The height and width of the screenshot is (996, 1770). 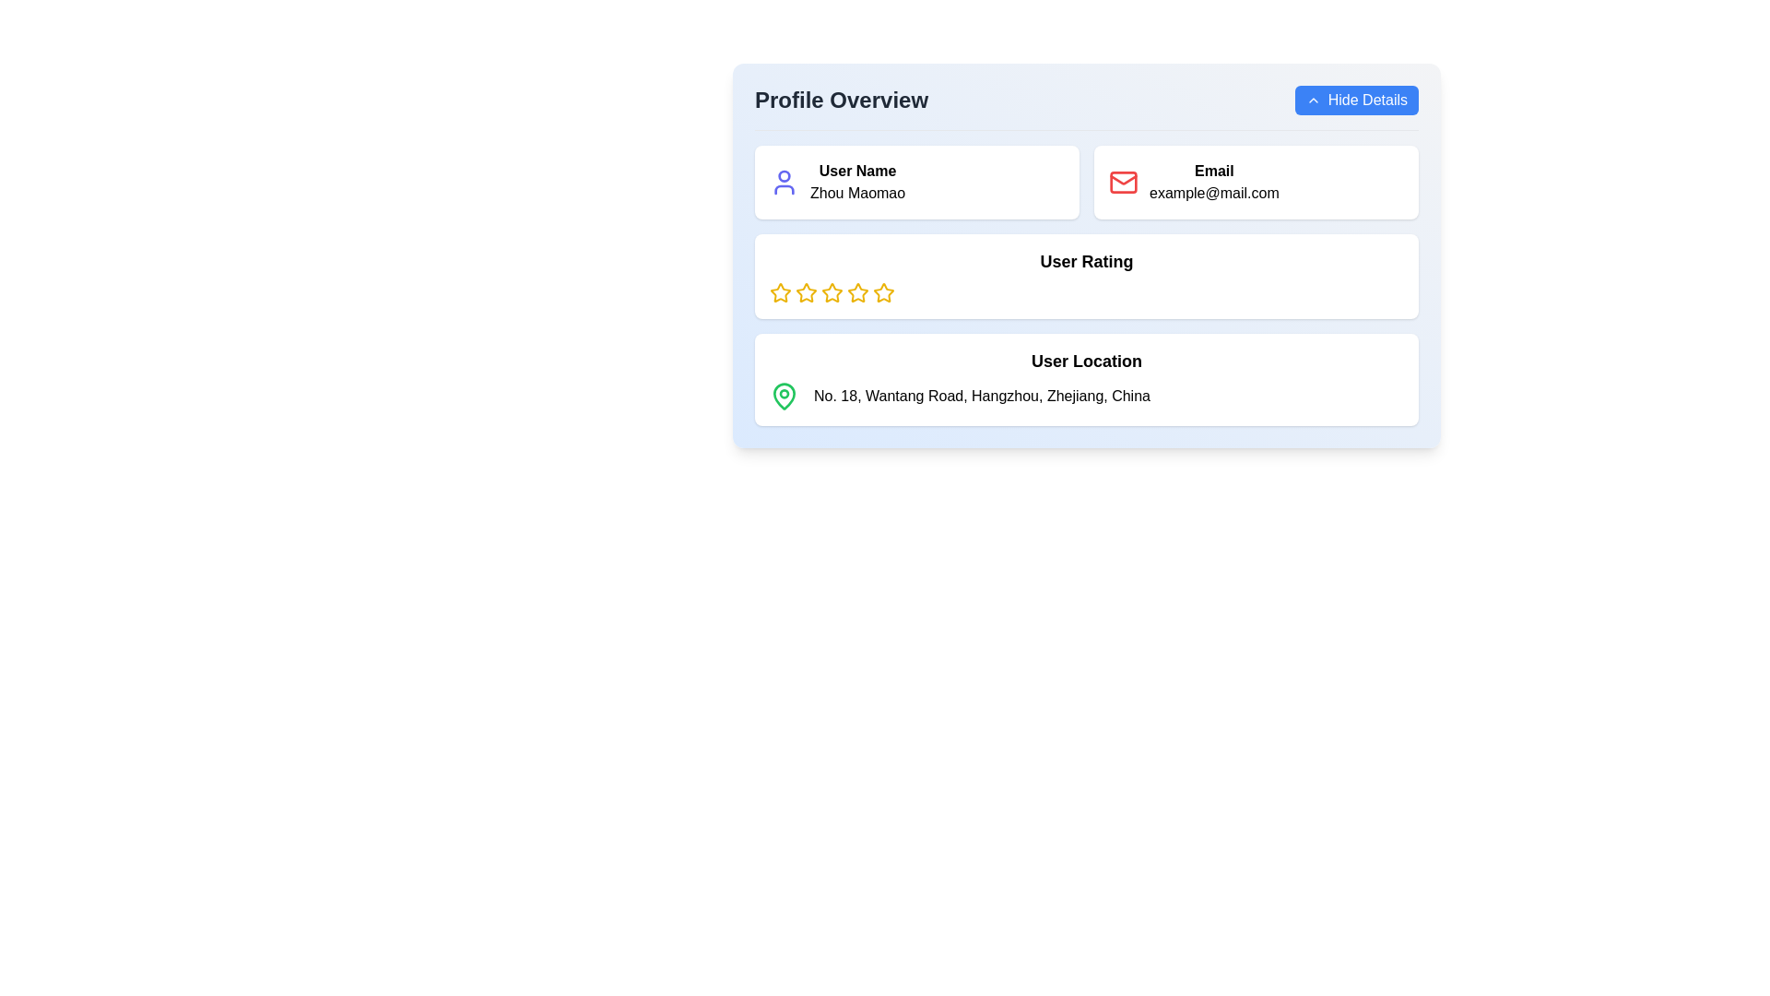 I want to click on the text label indicating 'email address' located above 'example@mail.com' in the contact information section, so click(x=1214, y=171).